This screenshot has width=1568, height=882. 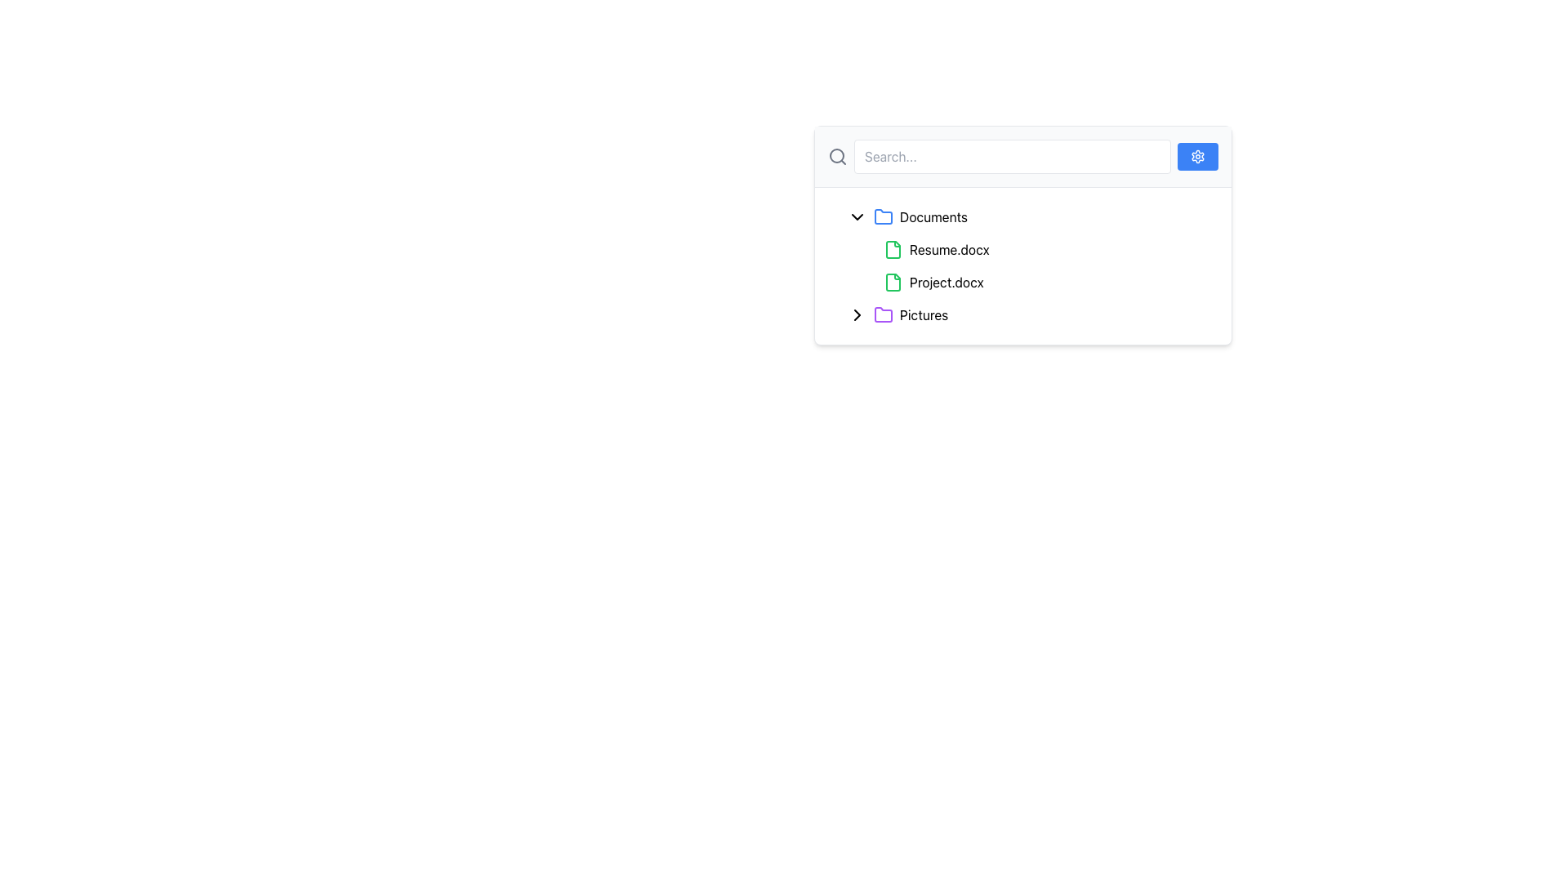 What do you see at coordinates (1198, 157) in the screenshot?
I see `the SVG Icon representing 'Settings' located in the upper-right section of the search bar interface` at bounding box center [1198, 157].